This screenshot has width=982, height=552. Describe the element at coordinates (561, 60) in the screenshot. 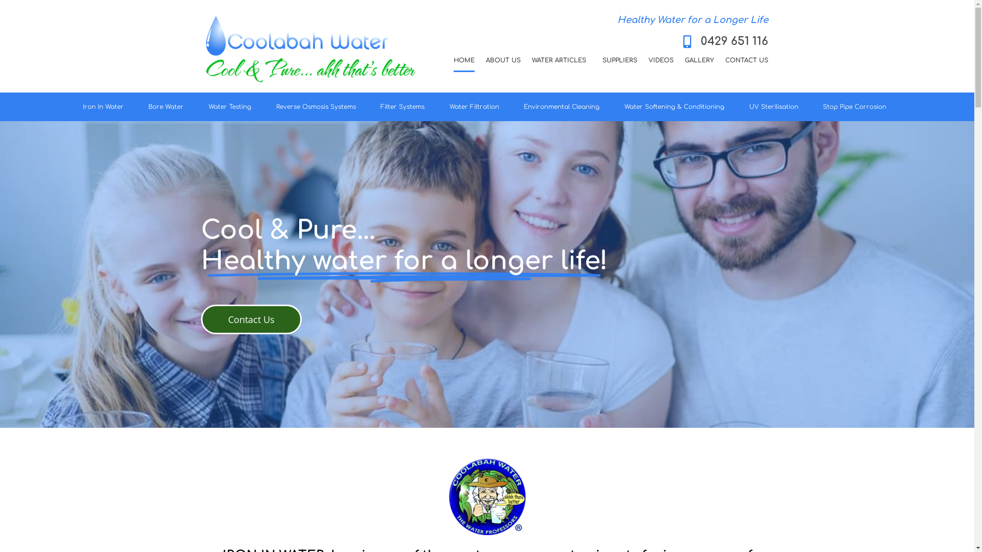

I see `'WATER ARTICLES'` at that location.